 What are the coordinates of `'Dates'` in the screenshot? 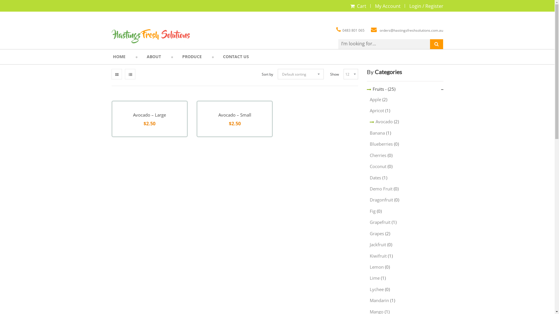 It's located at (375, 177).